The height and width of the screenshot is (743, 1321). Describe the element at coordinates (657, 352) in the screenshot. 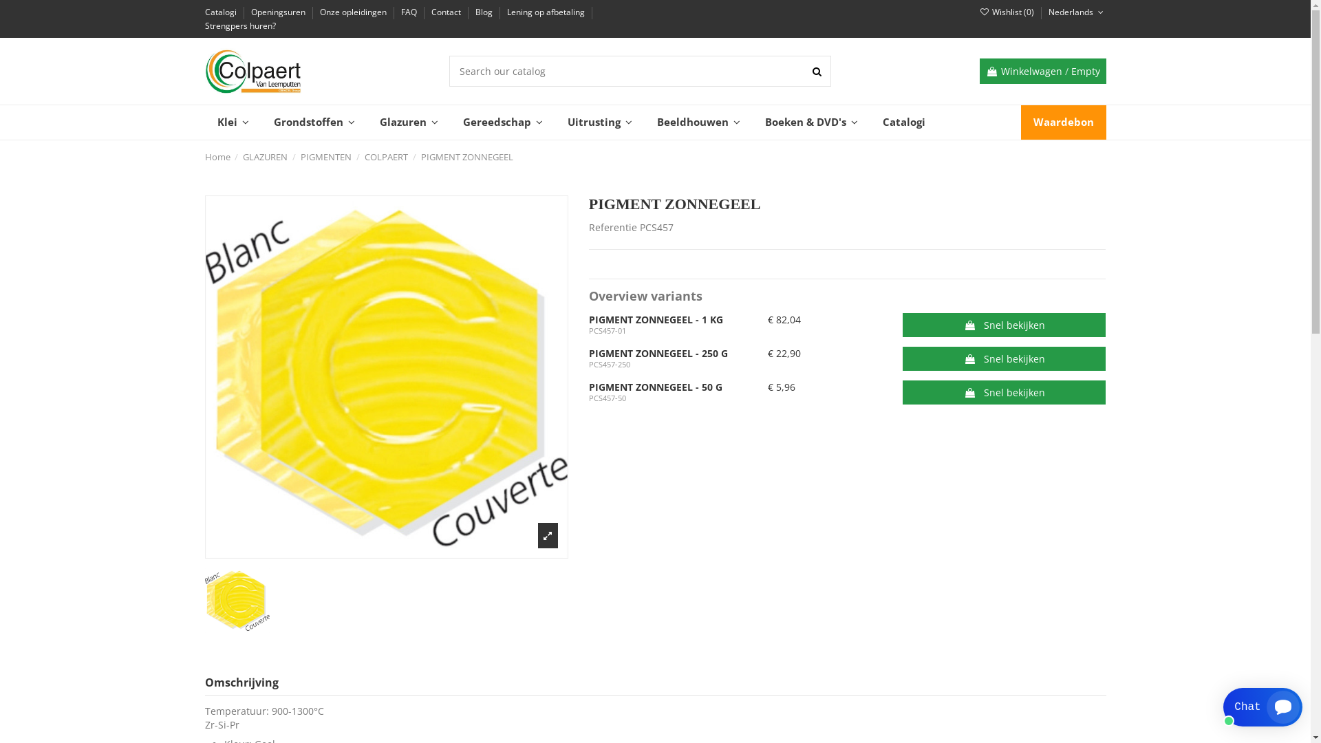

I see `'PIGMENT ZONNEGEEL - 250 G'` at that location.